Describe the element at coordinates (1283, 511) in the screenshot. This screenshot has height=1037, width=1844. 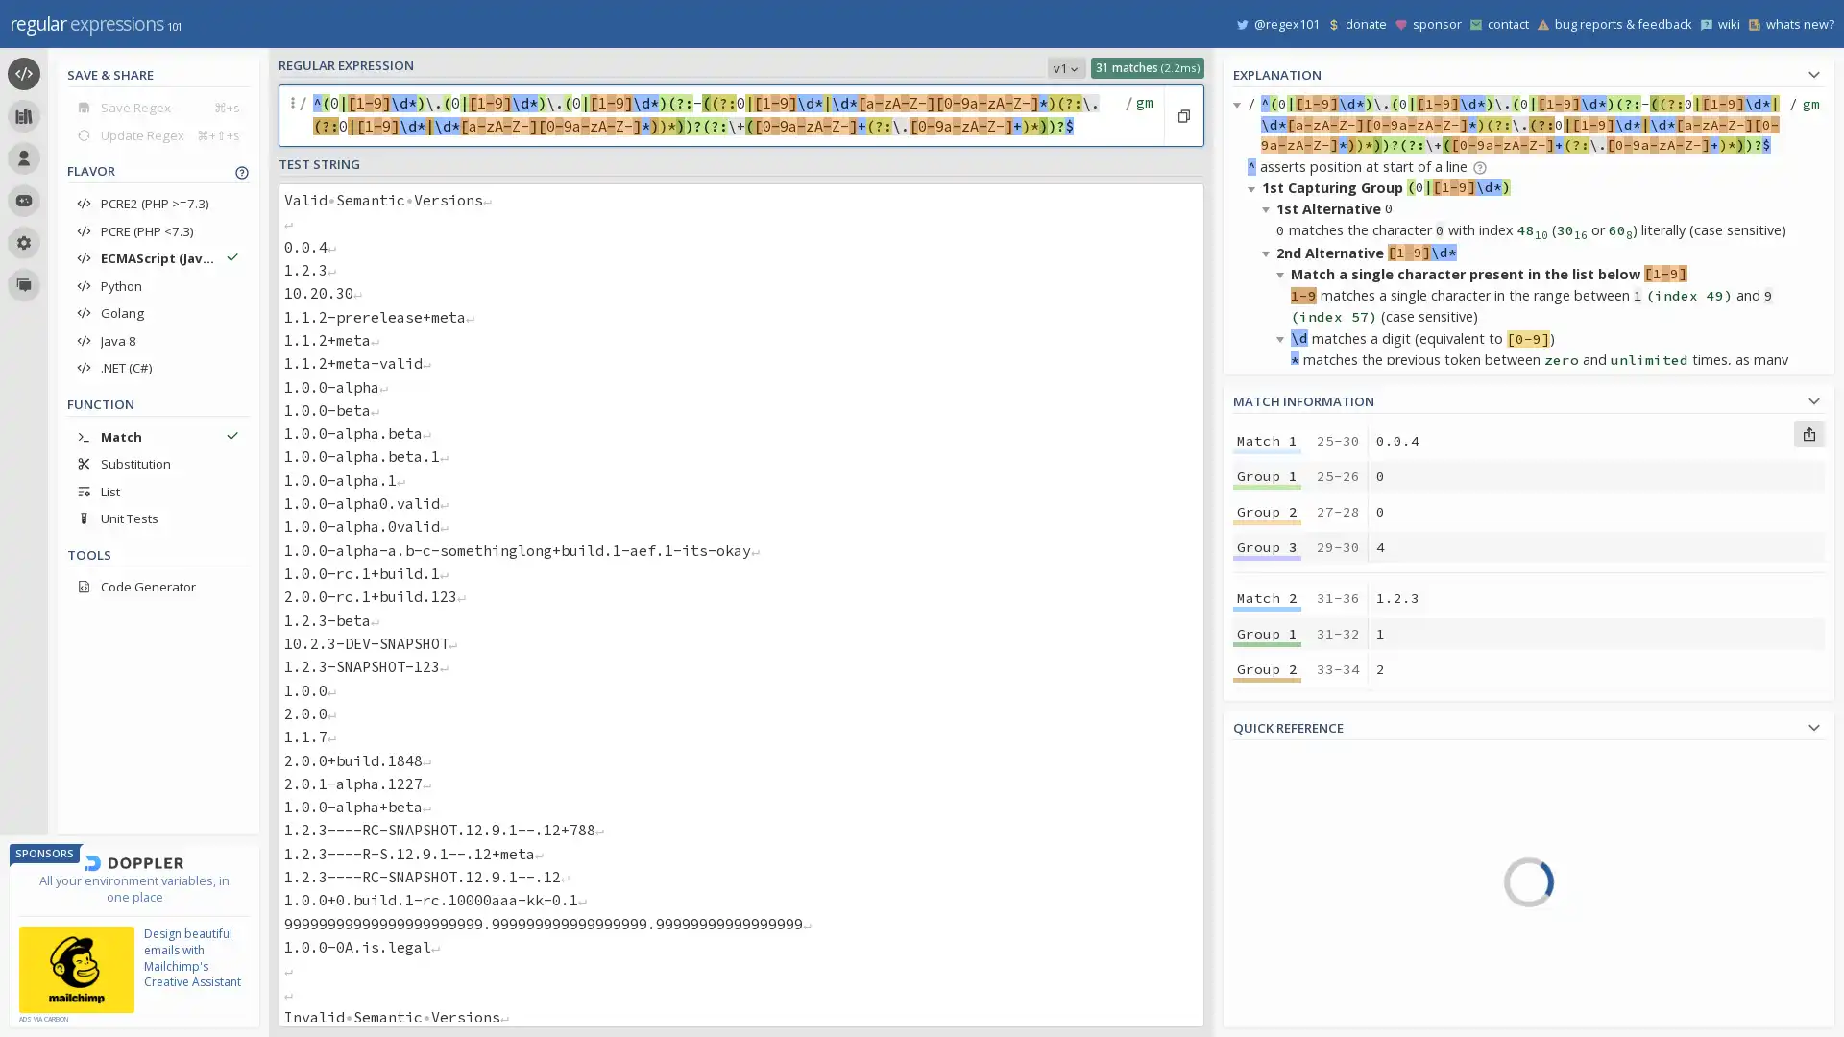
I see `Collapse Subtree` at that location.